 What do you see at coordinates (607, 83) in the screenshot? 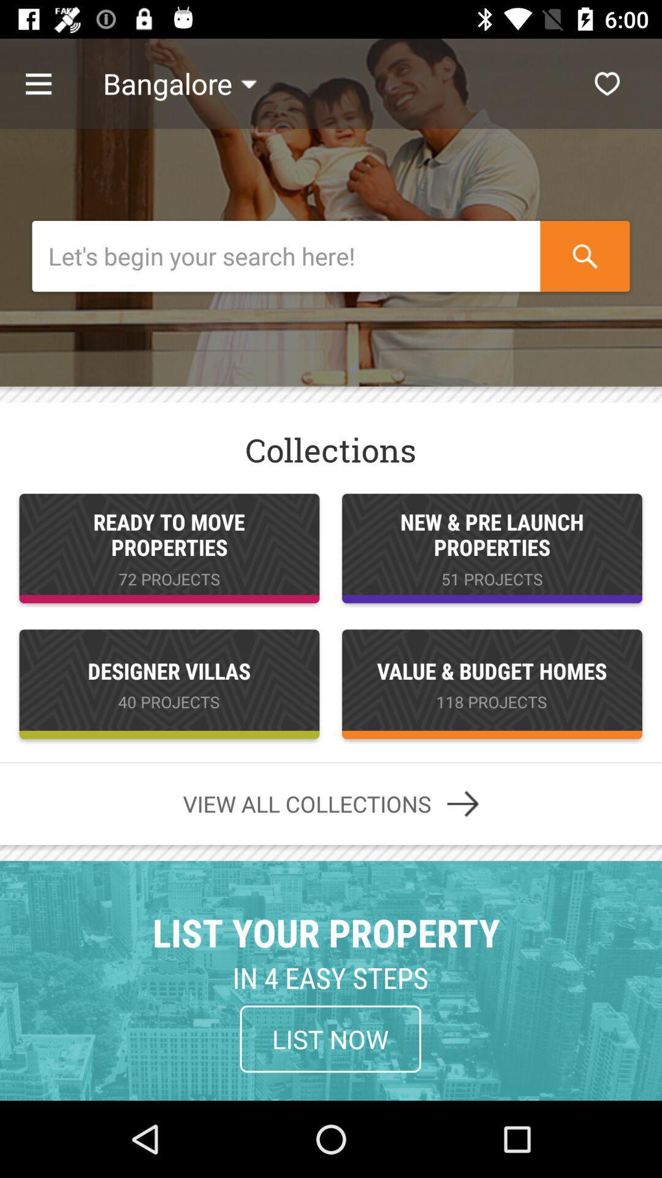
I see `the icon next to the bangalore item` at bounding box center [607, 83].